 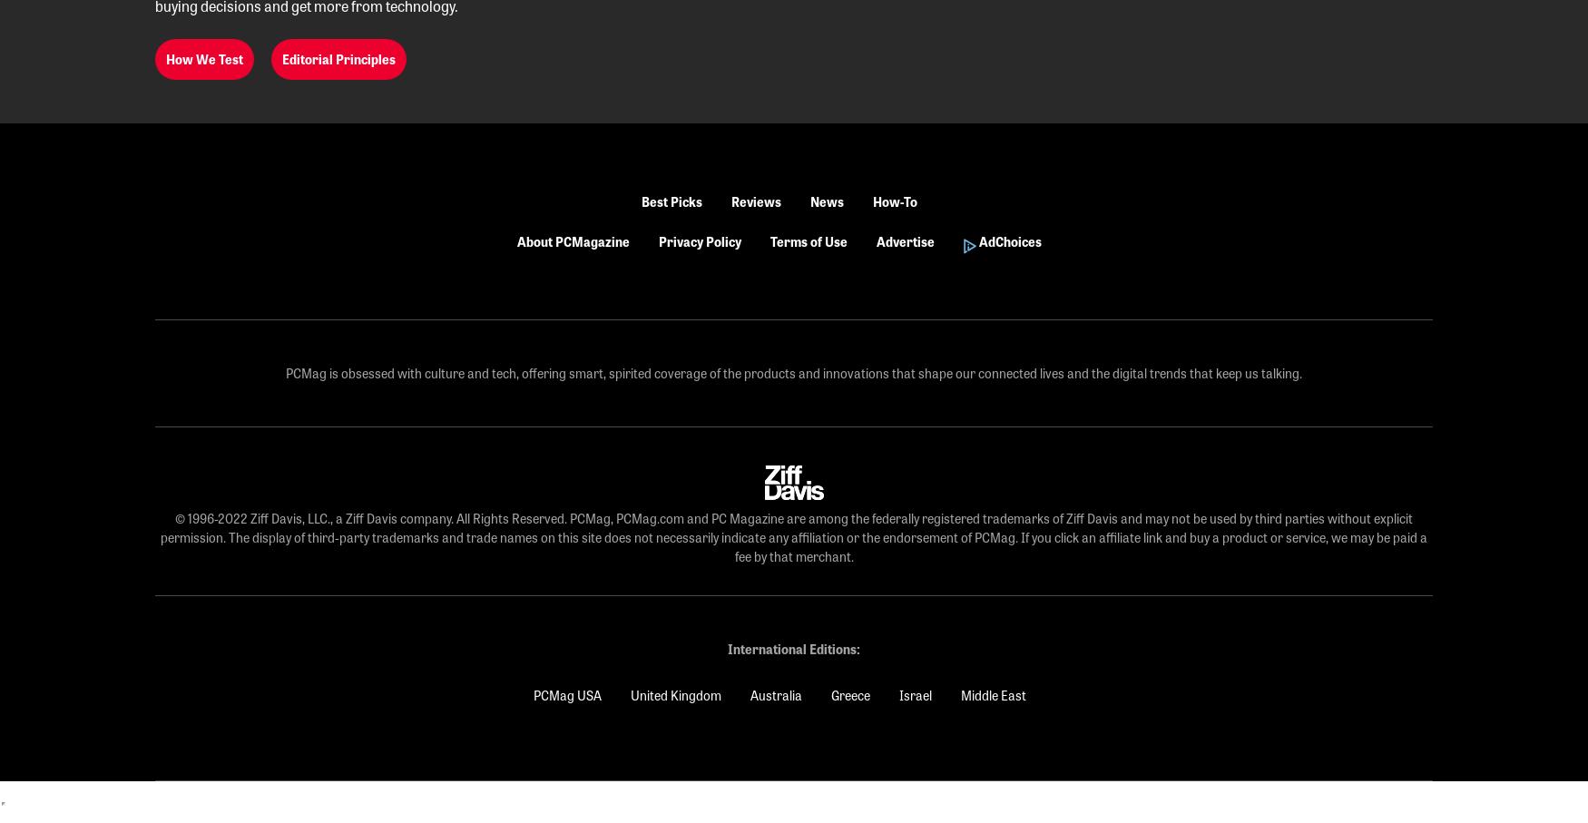 I want to click on 'PCMag is obsessed with culture and tech, offering smart, spirited coverage of the products and innovations that shape our connected lives and the digital trends that keep us talking.', so click(x=286, y=372).